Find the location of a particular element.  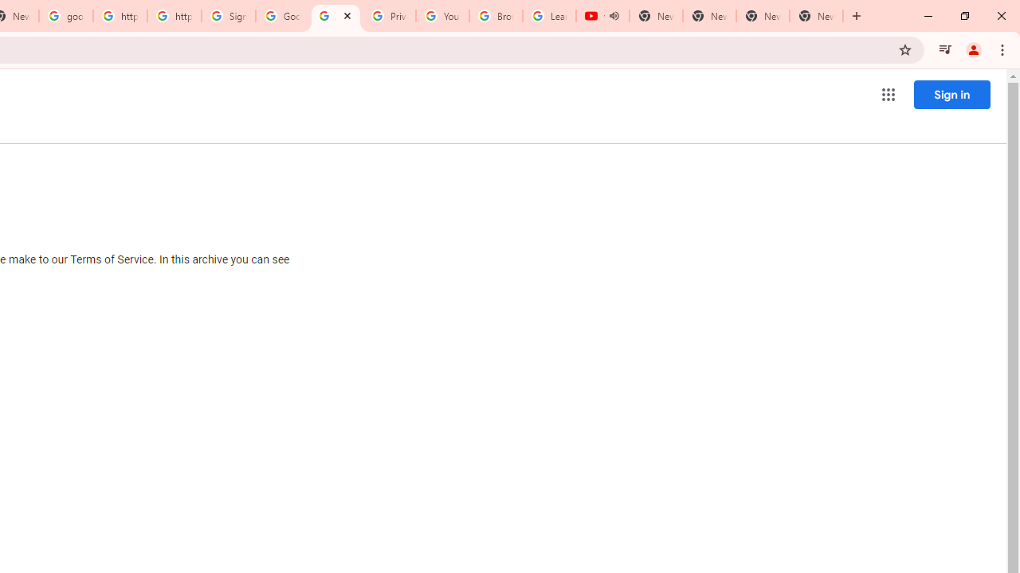

'Chrome' is located at coordinates (1003, 49).